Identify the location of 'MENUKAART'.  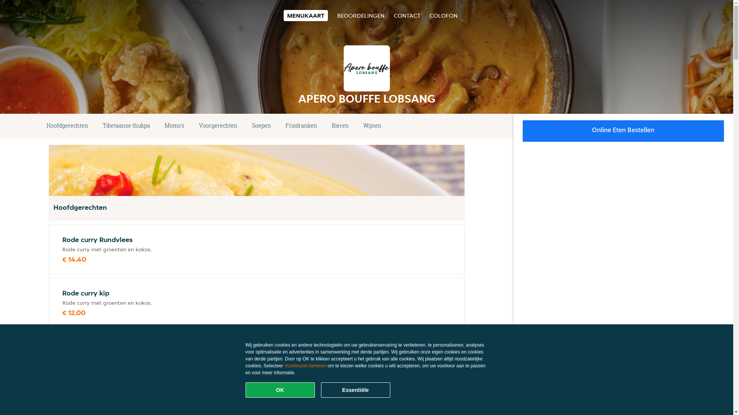
(305, 15).